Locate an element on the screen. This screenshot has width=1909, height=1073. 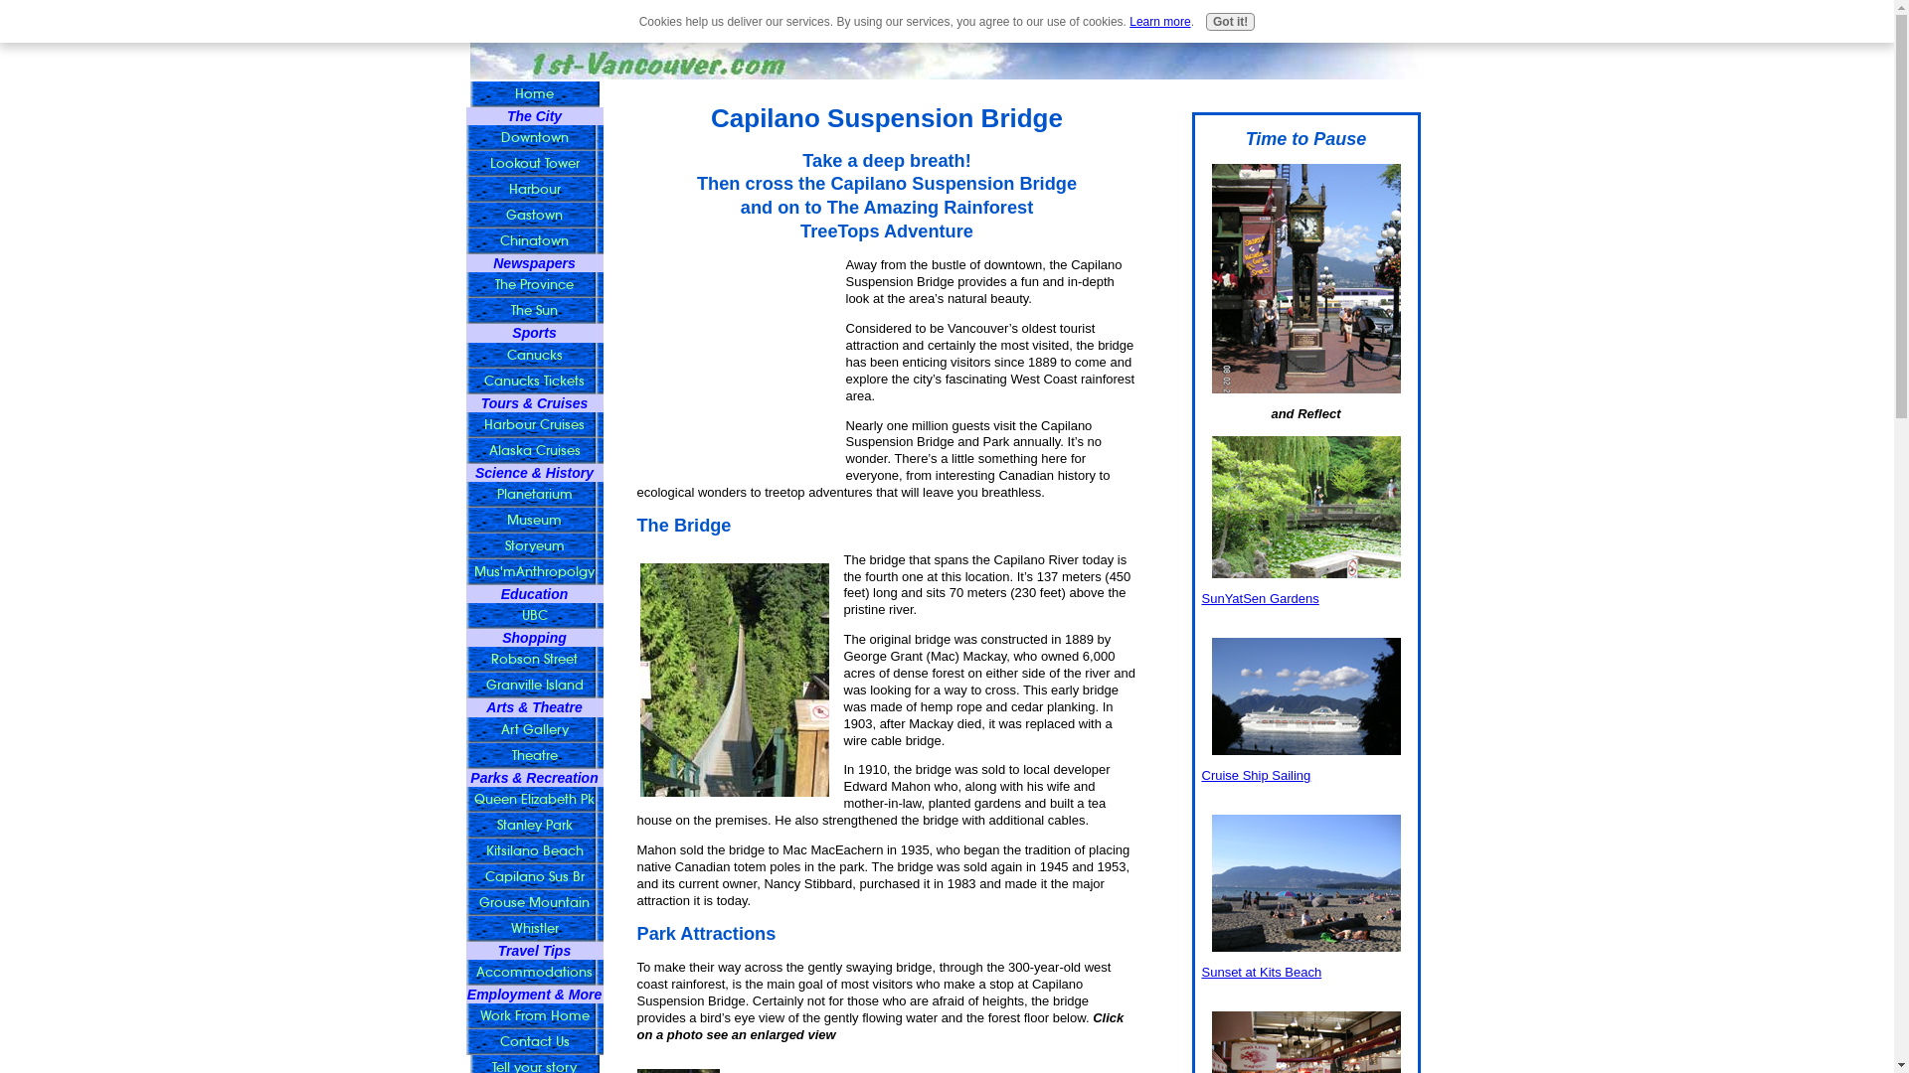
'Queen Elizabeth Pk' is located at coordinates (534, 799).